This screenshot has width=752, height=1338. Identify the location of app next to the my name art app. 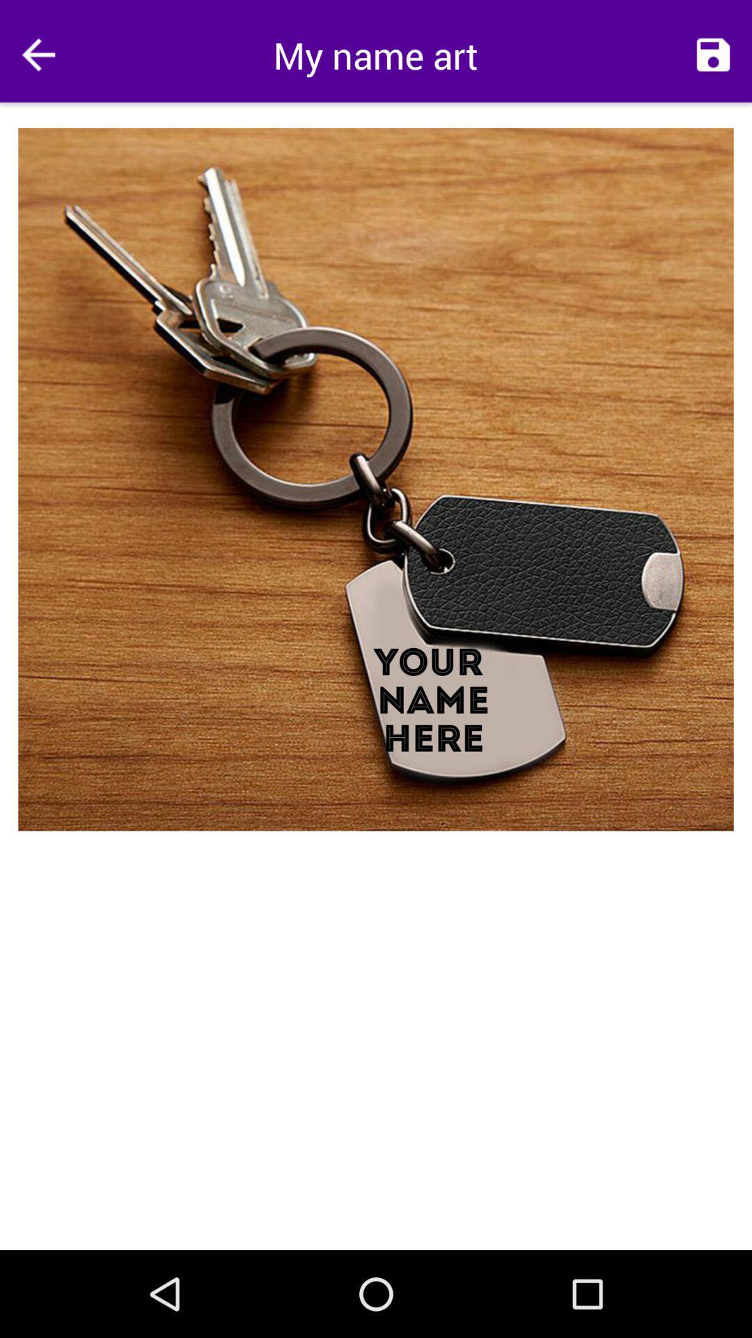
(713, 54).